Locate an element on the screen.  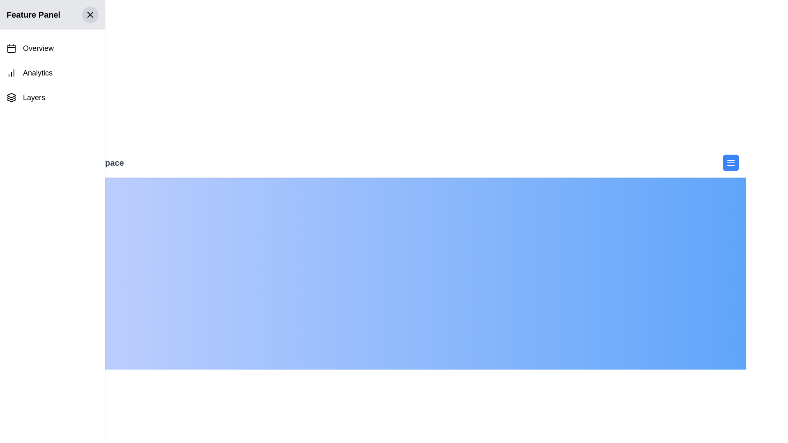
the 'Analytics' icon located in the side navigation panel, positioned to the left of the text label 'Analytics' is located at coordinates (11, 72).